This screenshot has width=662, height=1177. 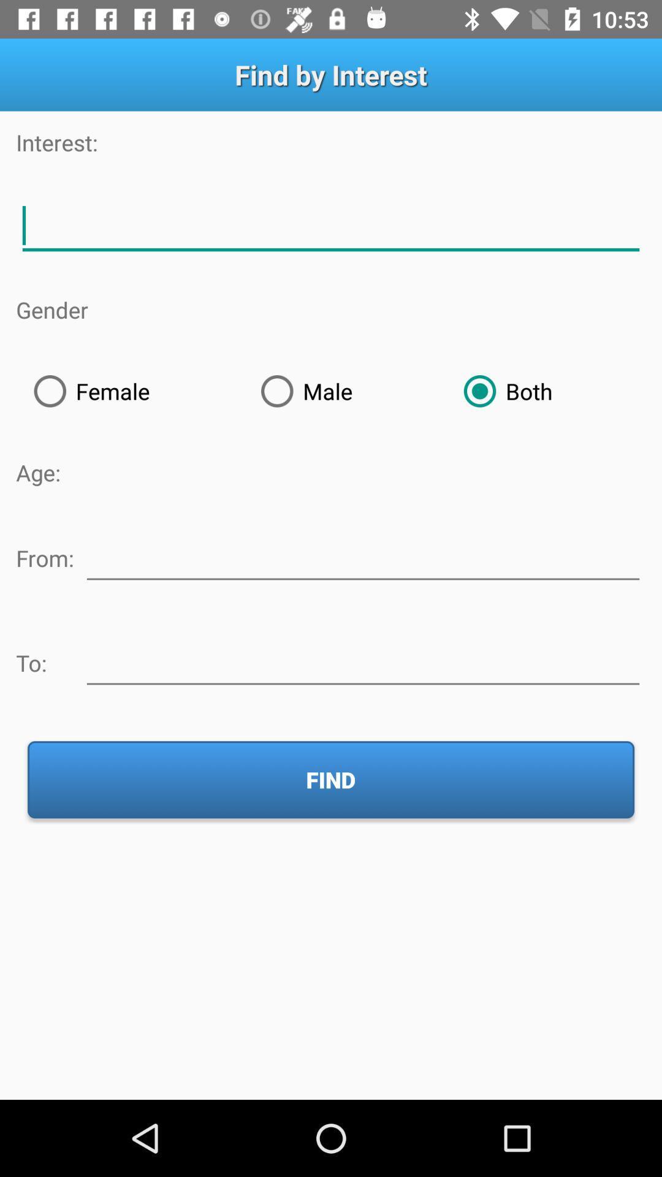 I want to click on female item, so click(x=129, y=390).